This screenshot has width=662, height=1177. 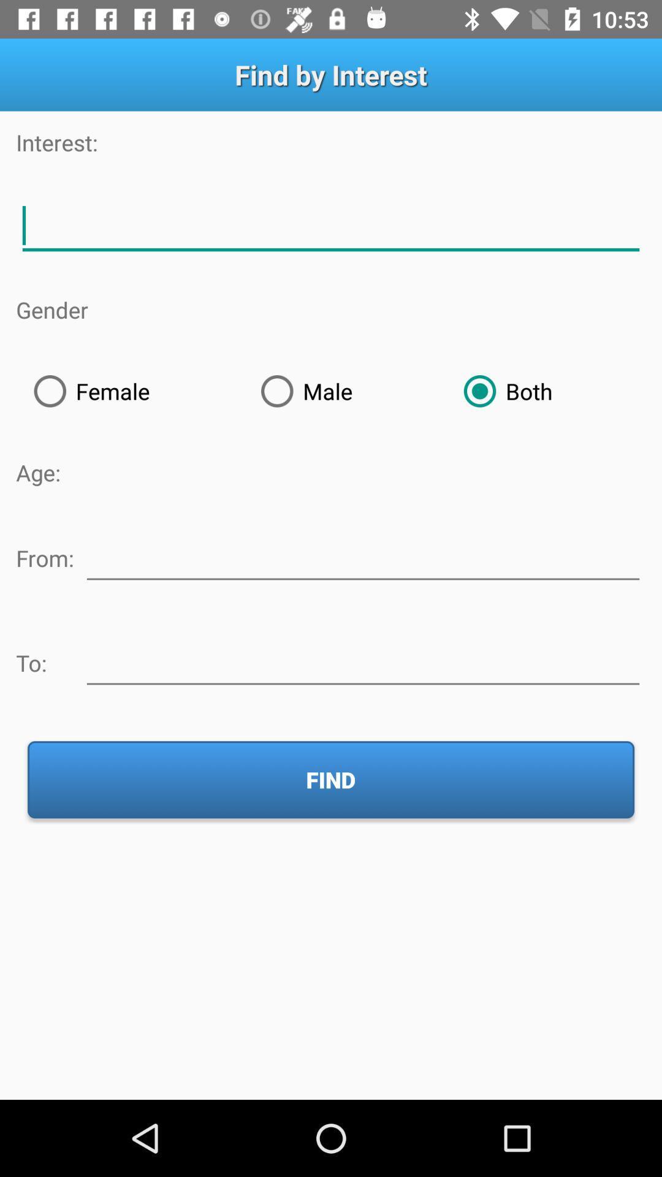 I want to click on female item, so click(x=129, y=390).